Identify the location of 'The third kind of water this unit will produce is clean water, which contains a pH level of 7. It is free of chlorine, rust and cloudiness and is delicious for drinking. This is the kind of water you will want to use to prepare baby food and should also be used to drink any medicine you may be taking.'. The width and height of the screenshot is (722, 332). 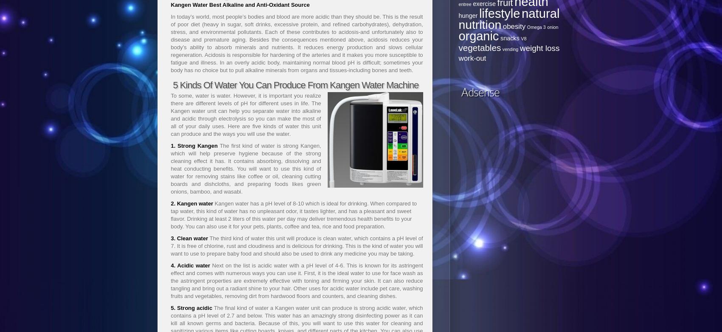
(170, 246).